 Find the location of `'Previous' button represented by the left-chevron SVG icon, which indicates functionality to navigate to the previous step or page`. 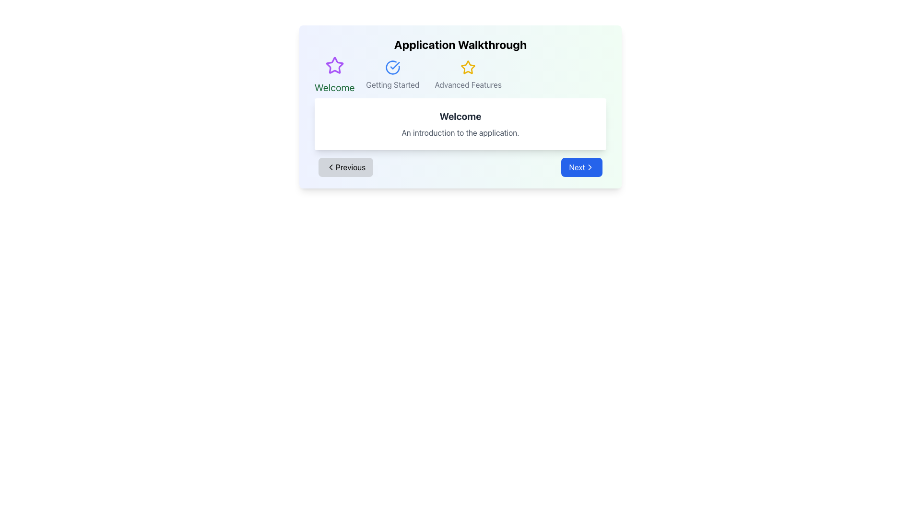

'Previous' button represented by the left-chevron SVG icon, which indicates functionality to navigate to the previous step or page is located at coordinates (331, 166).